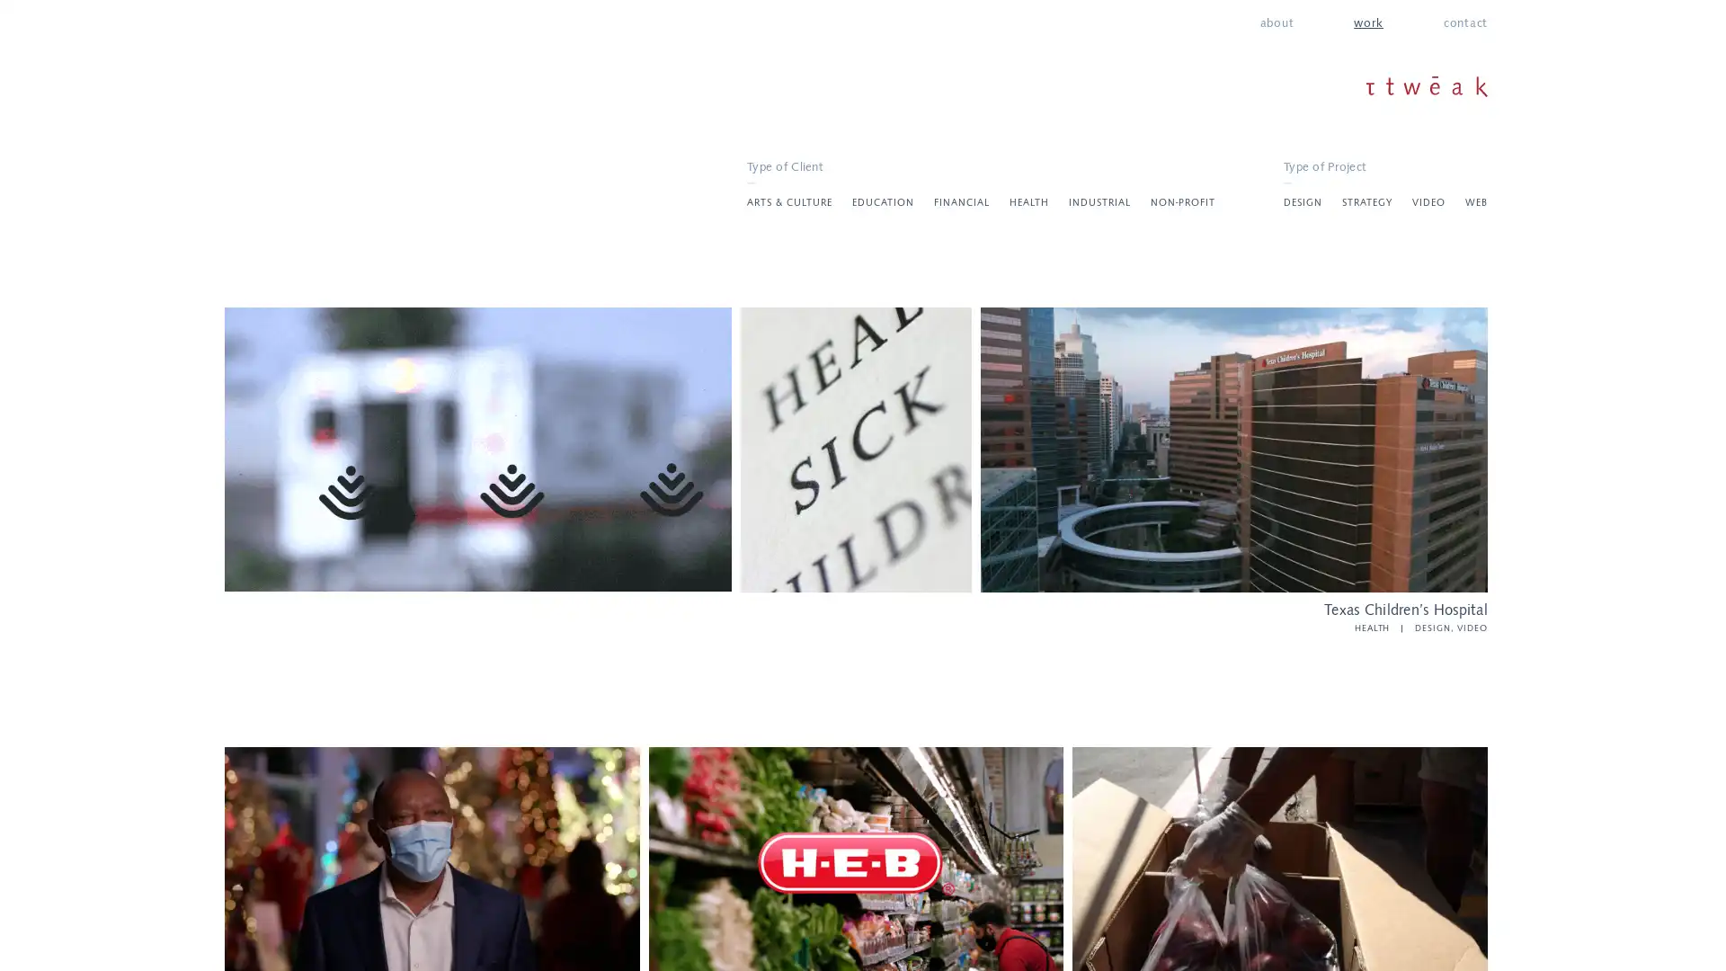  Describe the element at coordinates (789, 202) in the screenshot. I see `ARTS & CULTURE` at that location.